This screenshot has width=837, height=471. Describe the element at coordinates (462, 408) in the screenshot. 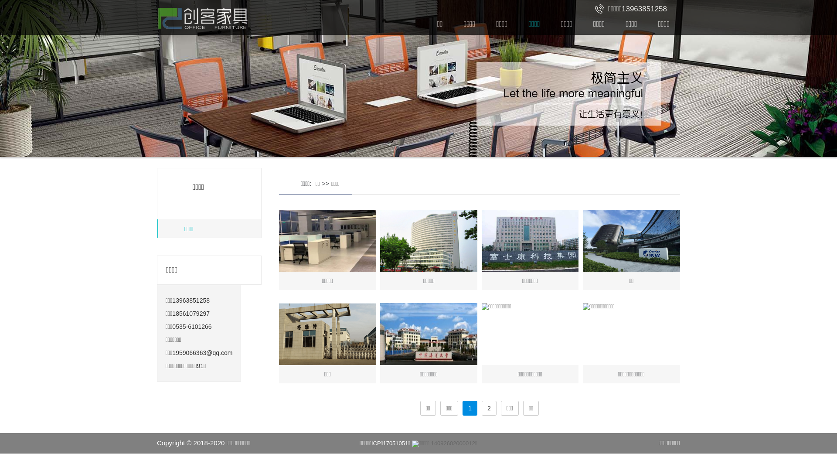

I see `'1'` at that location.